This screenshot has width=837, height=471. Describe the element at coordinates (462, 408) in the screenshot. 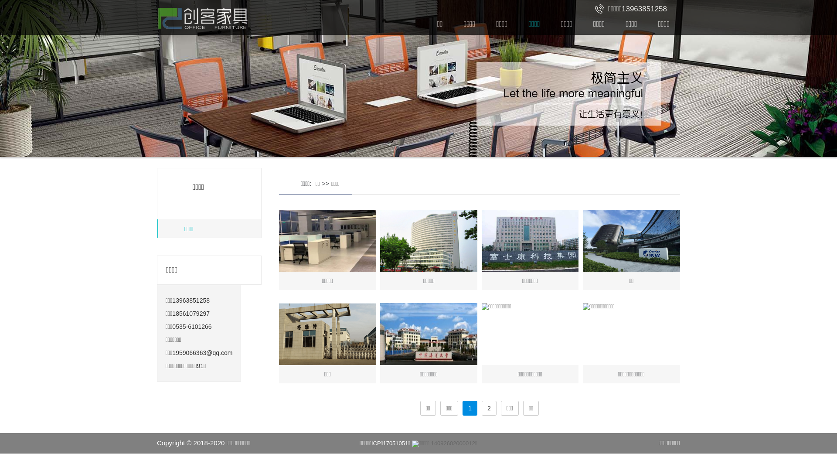

I see `'1'` at that location.